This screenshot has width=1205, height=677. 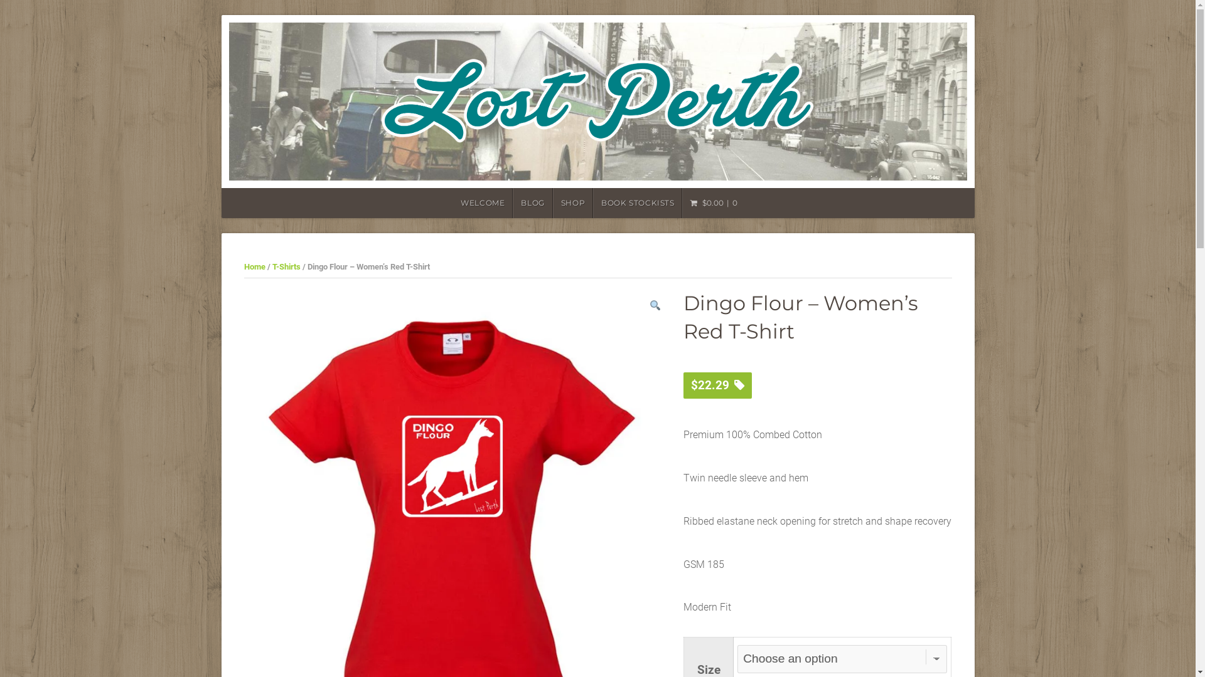 What do you see at coordinates (481, 202) in the screenshot?
I see `'WELCOME'` at bounding box center [481, 202].